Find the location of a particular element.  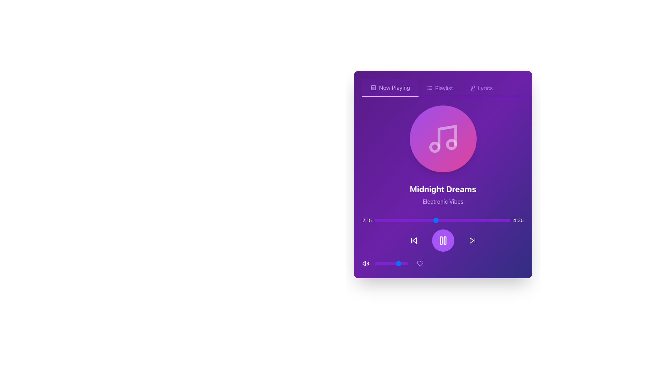

the left vertical bar of the 'Pause' icon, which is part of the circular button located at the center-bottom of the interface, for visual feedback is located at coordinates (441, 240).